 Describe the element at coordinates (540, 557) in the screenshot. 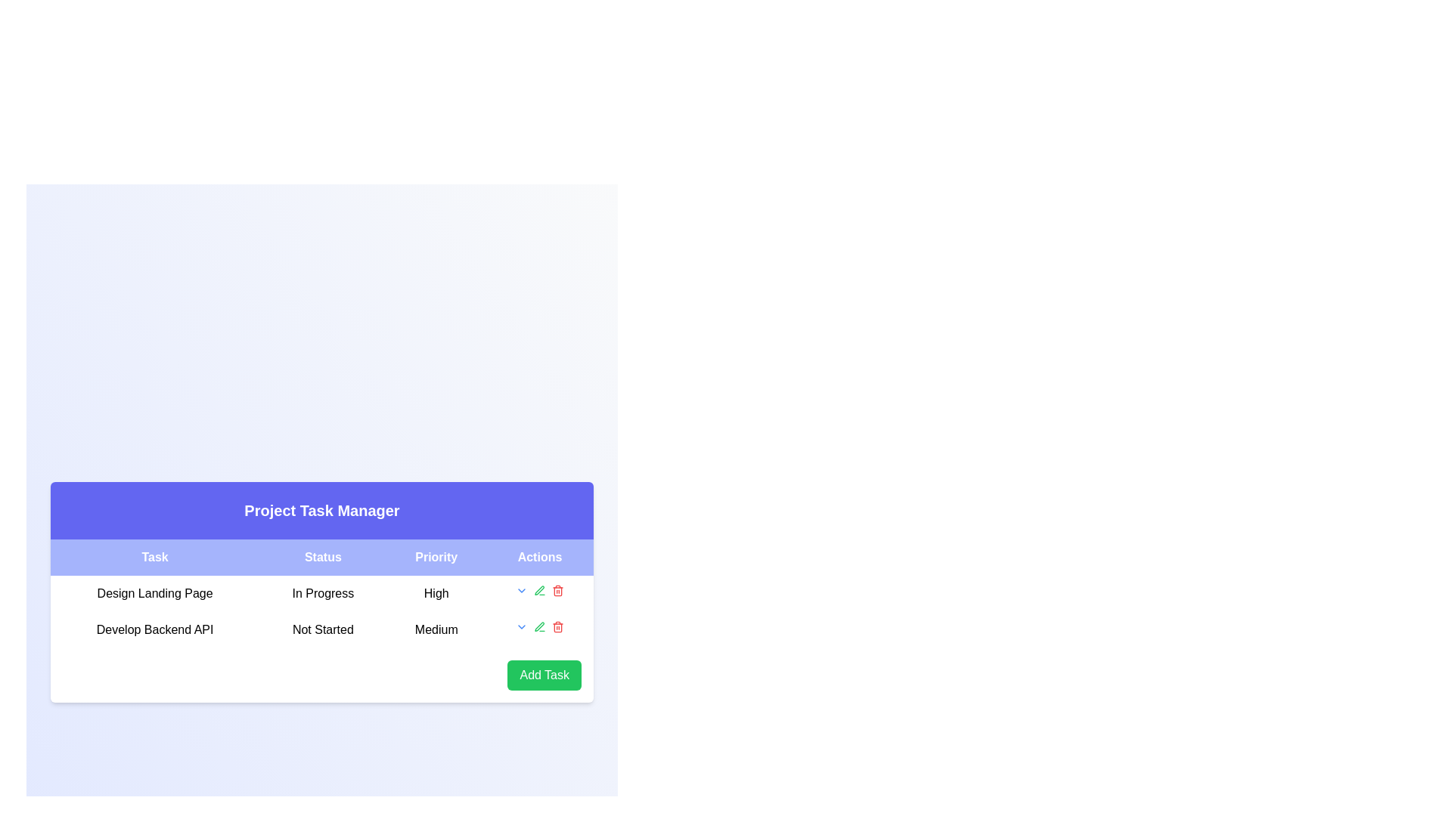

I see `the 'Actions' static text label, which is styled as a table header and is located in the top-right segment of the table header row` at that location.